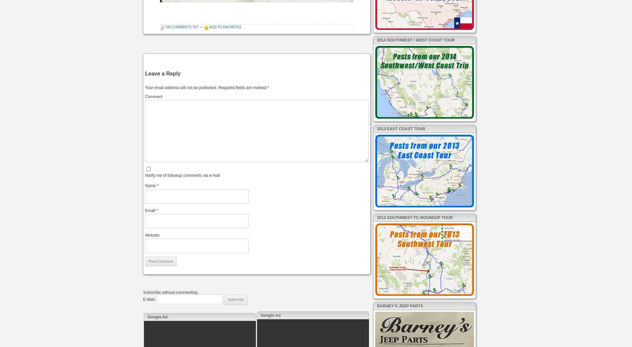 The width and height of the screenshot is (632, 347). What do you see at coordinates (142, 292) in the screenshot?
I see `'Subscribe without commenting'` at bounding box center [142, 292].